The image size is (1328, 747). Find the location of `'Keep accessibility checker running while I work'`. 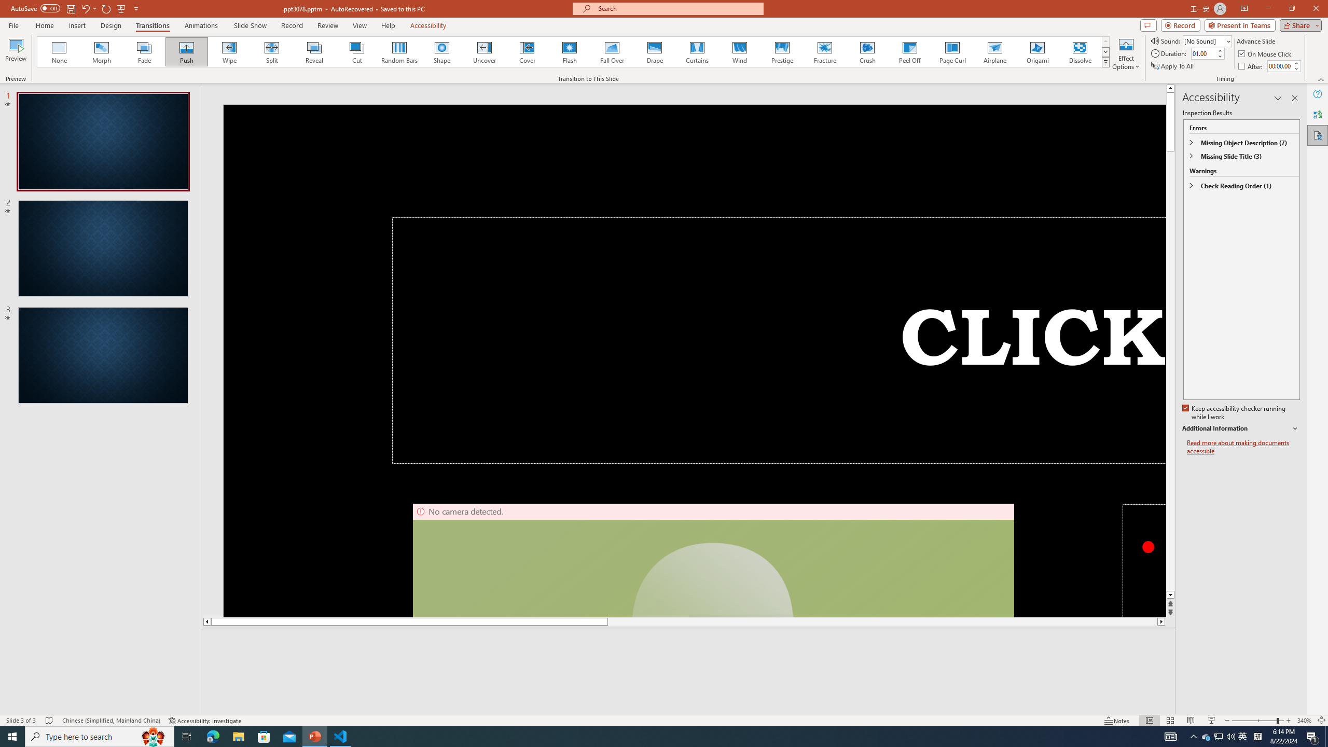

'Keep accessibility checker running while I work' is located at coordinates (1235, 413).